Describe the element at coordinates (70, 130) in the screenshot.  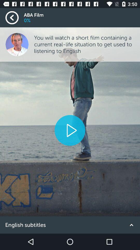
I see `item above the no subtitles` at that location.